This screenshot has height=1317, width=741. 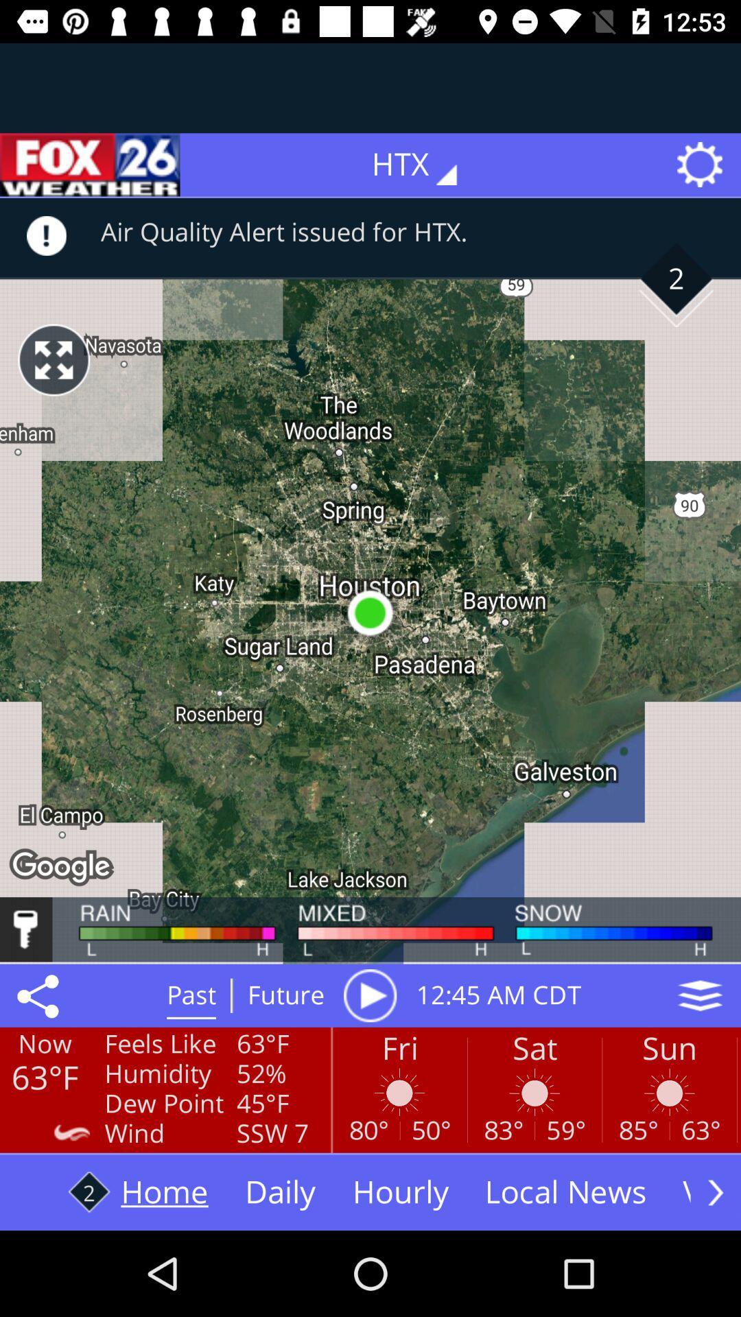 What do you see at coordinates (369, 995) in the screenshot?
I see `icon next to the 12 45 am` at bounding box center [369, 995].